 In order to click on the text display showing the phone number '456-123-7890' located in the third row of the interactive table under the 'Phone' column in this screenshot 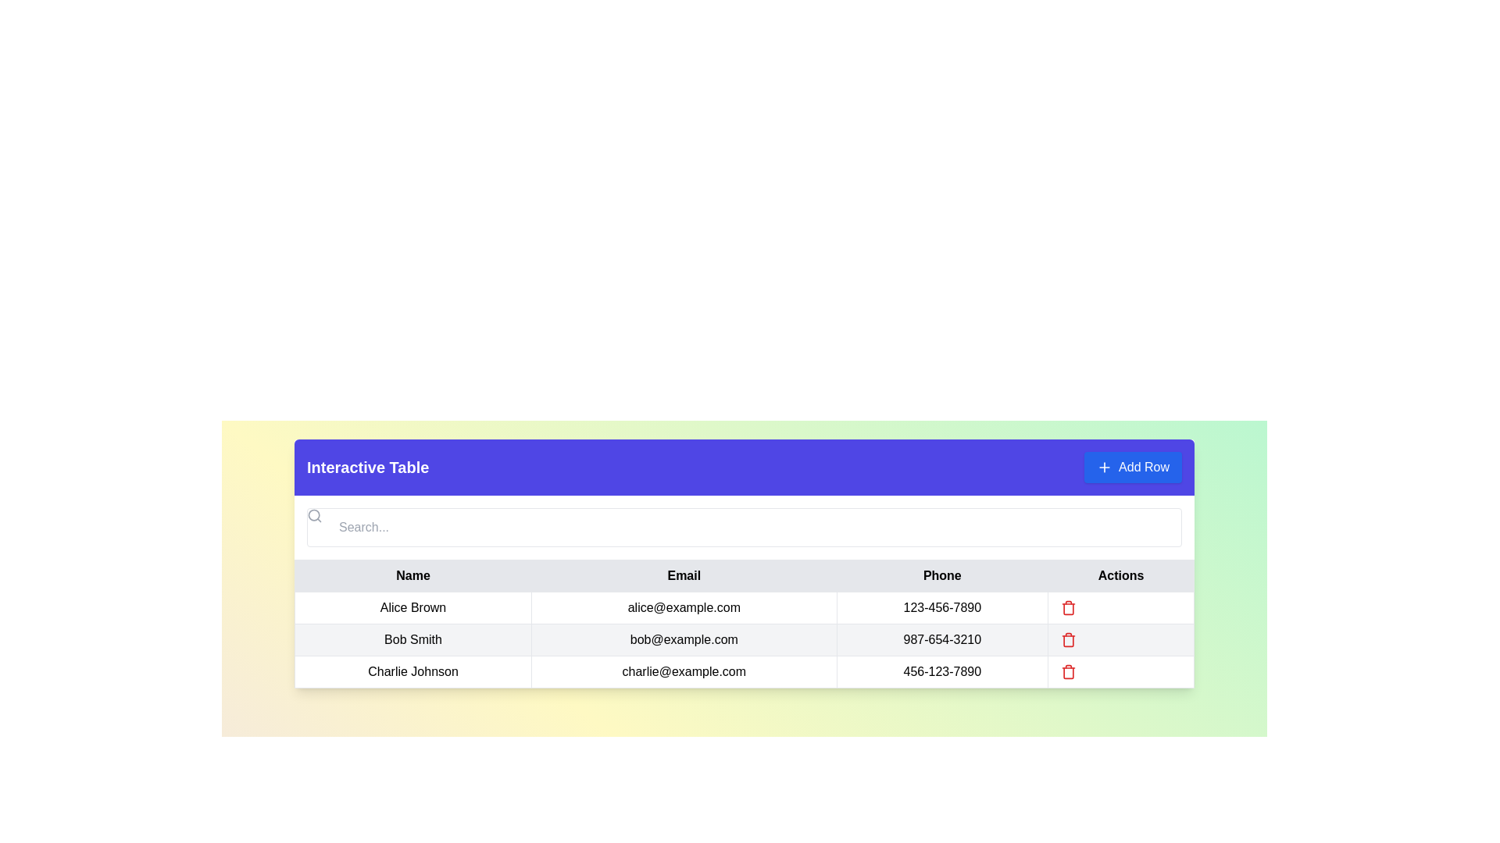, I will do `click(941, 670)`.